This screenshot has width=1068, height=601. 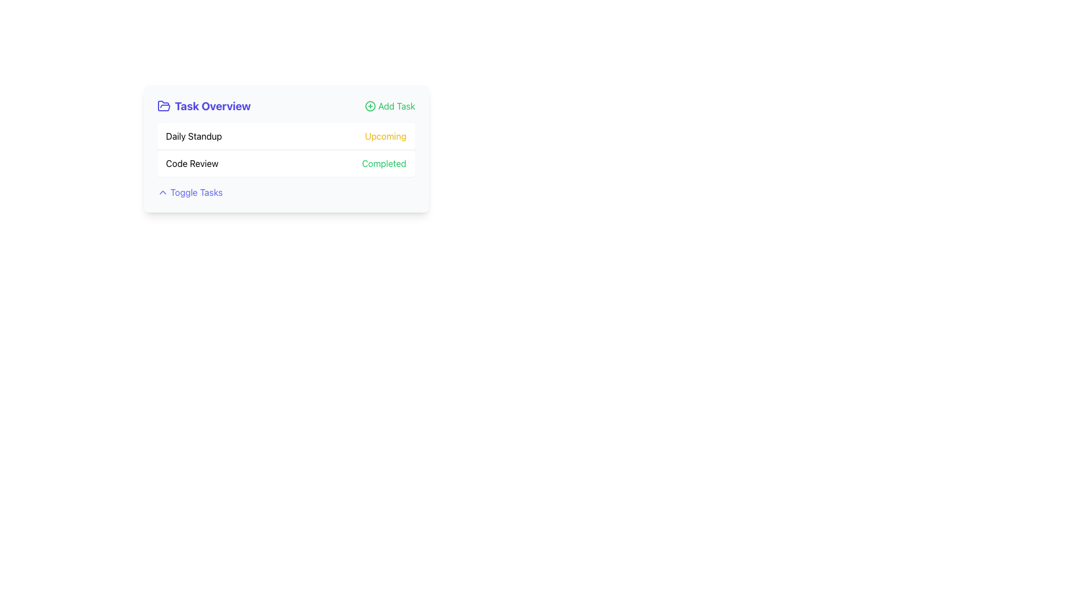 I want to click on the decorative icon representing a folder, located to the left of the 'Task Overview' text, so click(x=163, y=106).